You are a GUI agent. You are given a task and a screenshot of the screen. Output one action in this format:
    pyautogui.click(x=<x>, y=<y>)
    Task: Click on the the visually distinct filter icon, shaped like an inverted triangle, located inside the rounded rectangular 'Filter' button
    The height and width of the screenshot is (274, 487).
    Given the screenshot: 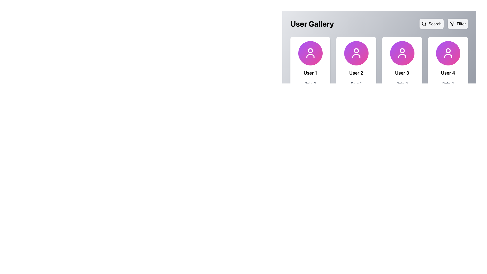 What is the action you would take?
    pyautogui.click(x=452, y=24)
    